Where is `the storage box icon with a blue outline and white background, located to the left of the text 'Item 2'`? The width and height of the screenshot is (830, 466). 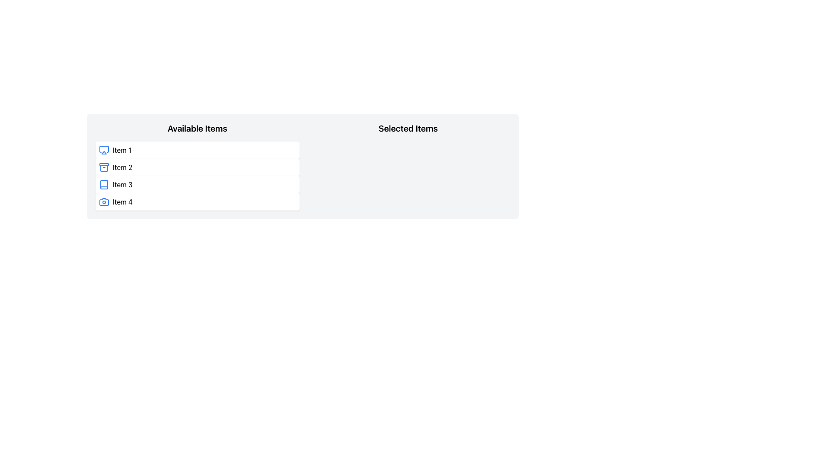
the storage box icon with a blue outline and white background, located to the left of the text 'Item 2' is located at coordinates (104, 167).